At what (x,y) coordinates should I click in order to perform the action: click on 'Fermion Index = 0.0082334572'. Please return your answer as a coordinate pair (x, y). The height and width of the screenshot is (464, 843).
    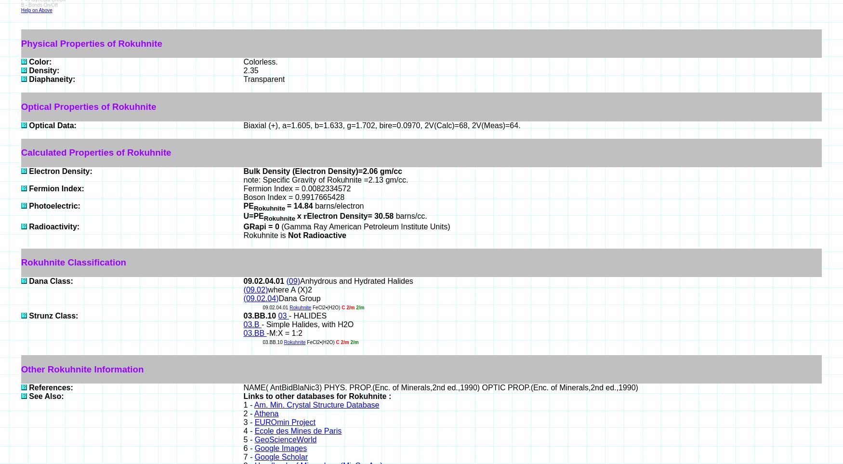
    Looking at the image, I should click on (297, 188).